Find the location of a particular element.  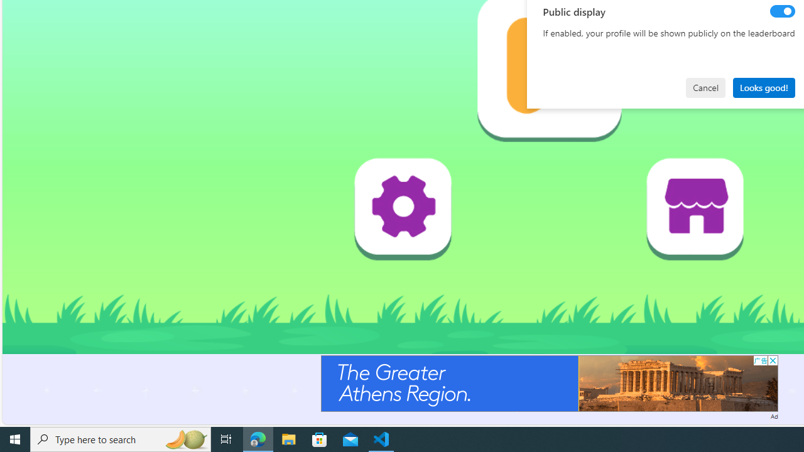

'Advertisement' is located at coordinates (549, 382).